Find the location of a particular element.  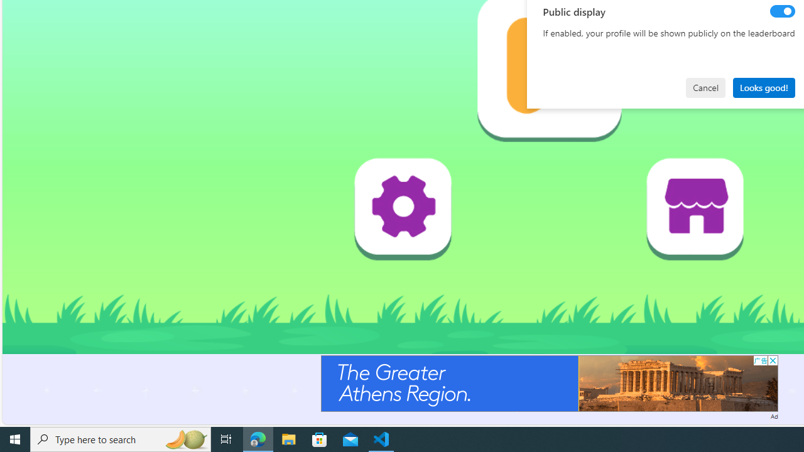

'Advertisement' is located at coordinates (549, 382).